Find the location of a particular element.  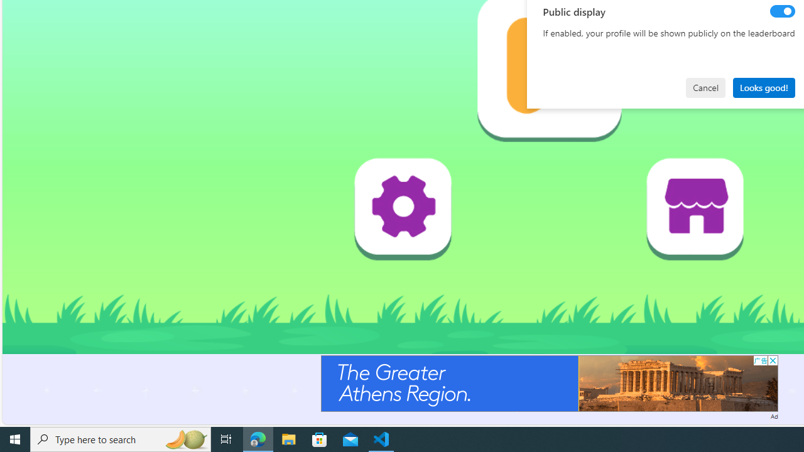

'Advertisement' is located at coordinates (549, 382).